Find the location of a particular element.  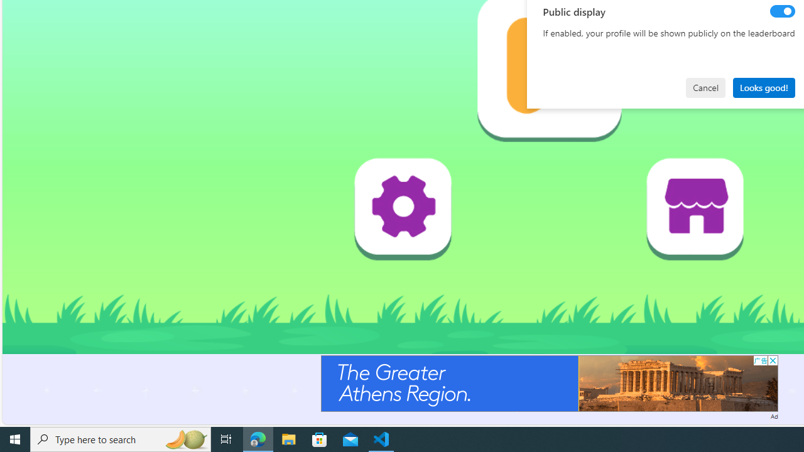

'Advertisement' is located at coordinates (549, 382).